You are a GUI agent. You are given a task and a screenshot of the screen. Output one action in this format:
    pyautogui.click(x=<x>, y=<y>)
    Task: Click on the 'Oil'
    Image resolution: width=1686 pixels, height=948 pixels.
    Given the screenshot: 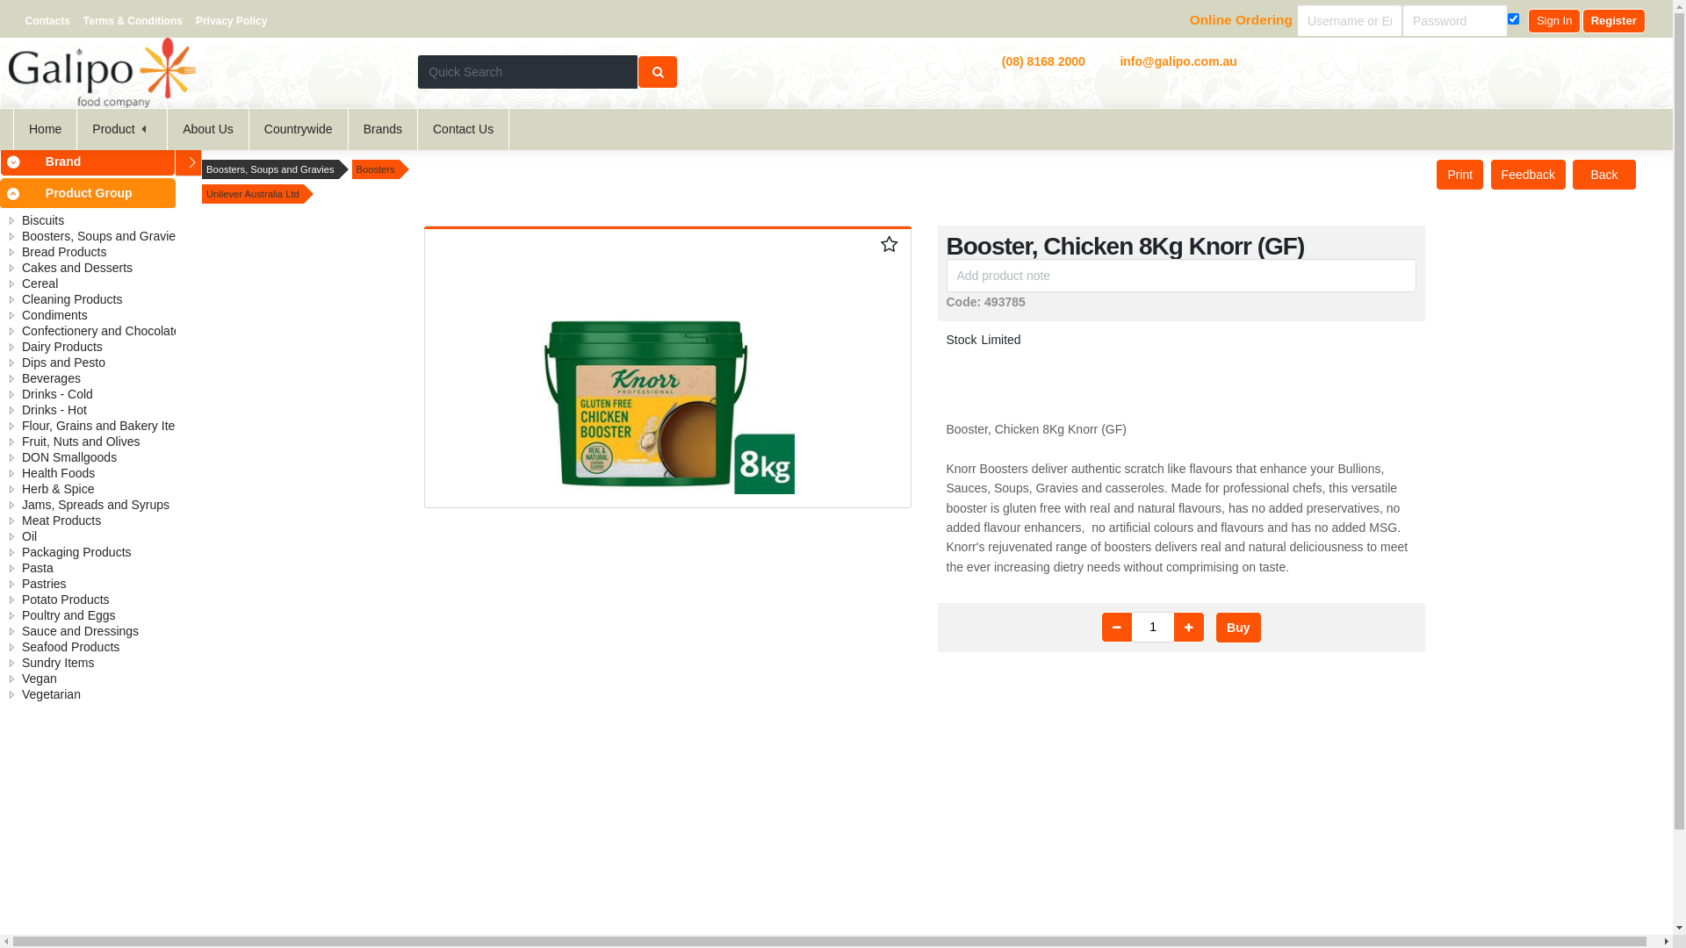 What is the action you would take?
    pyautogui.click(x=29, y=535)
    